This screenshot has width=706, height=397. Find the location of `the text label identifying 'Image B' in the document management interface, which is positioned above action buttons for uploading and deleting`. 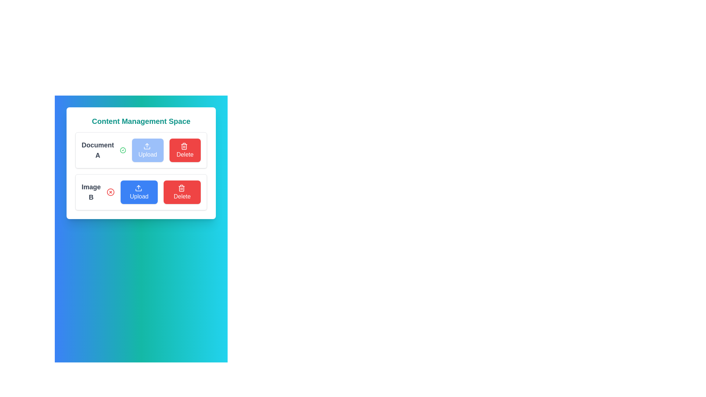

the text label identifying 'Image B' in the document management interface, which is positioned above action buttons for uploading and deleting is located at coordinates (91, 192).